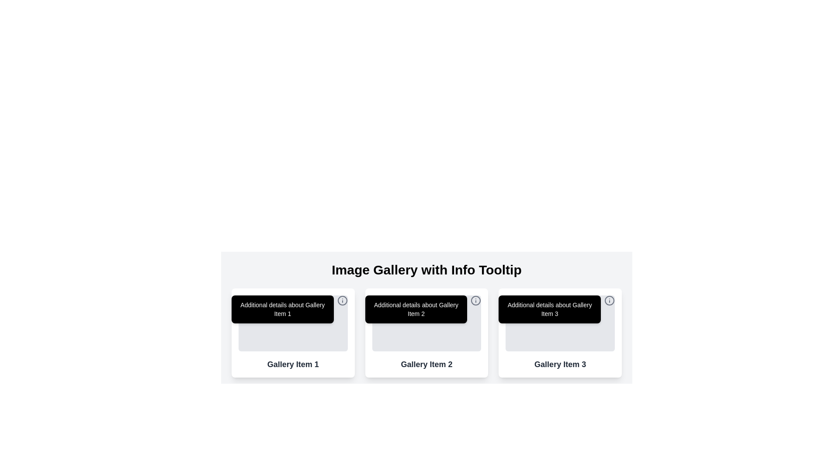 The image size is (839, 472). What do you see at coordinates (416, 309) in the screenshot?
I see `the black rectangular tooltip with rounded corners that contains the text 'Additional details about Gallery Item 2'` at bounding box center [416, 309].